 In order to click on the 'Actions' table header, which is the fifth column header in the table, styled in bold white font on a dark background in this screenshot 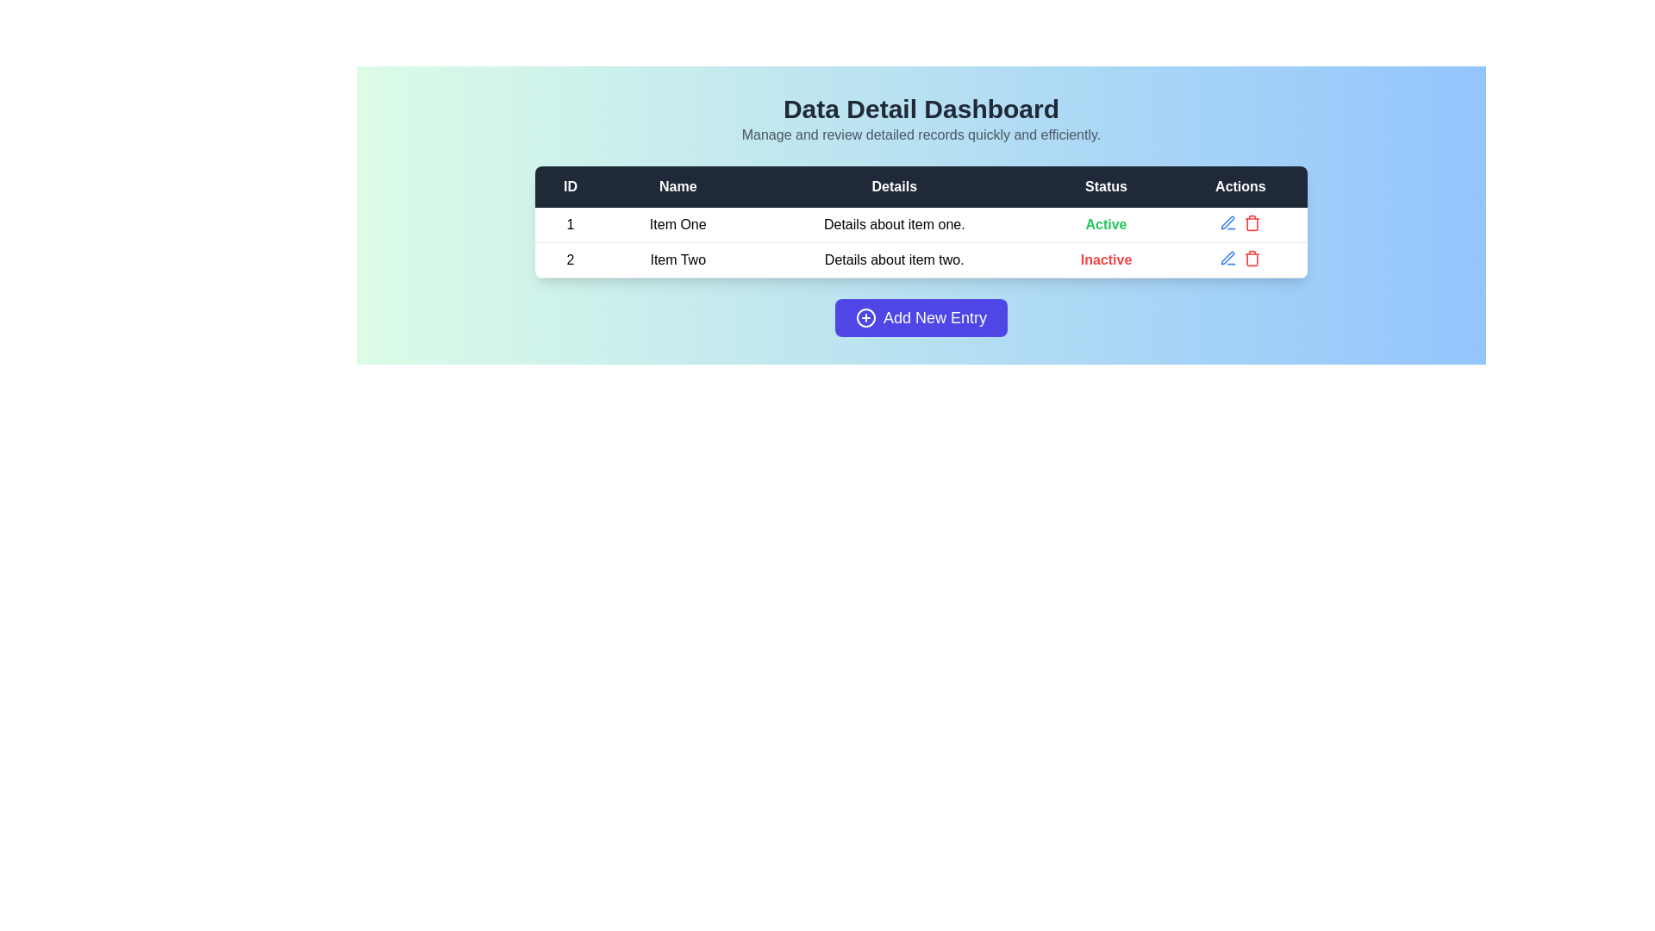, I will do `click(1240, 186)`.